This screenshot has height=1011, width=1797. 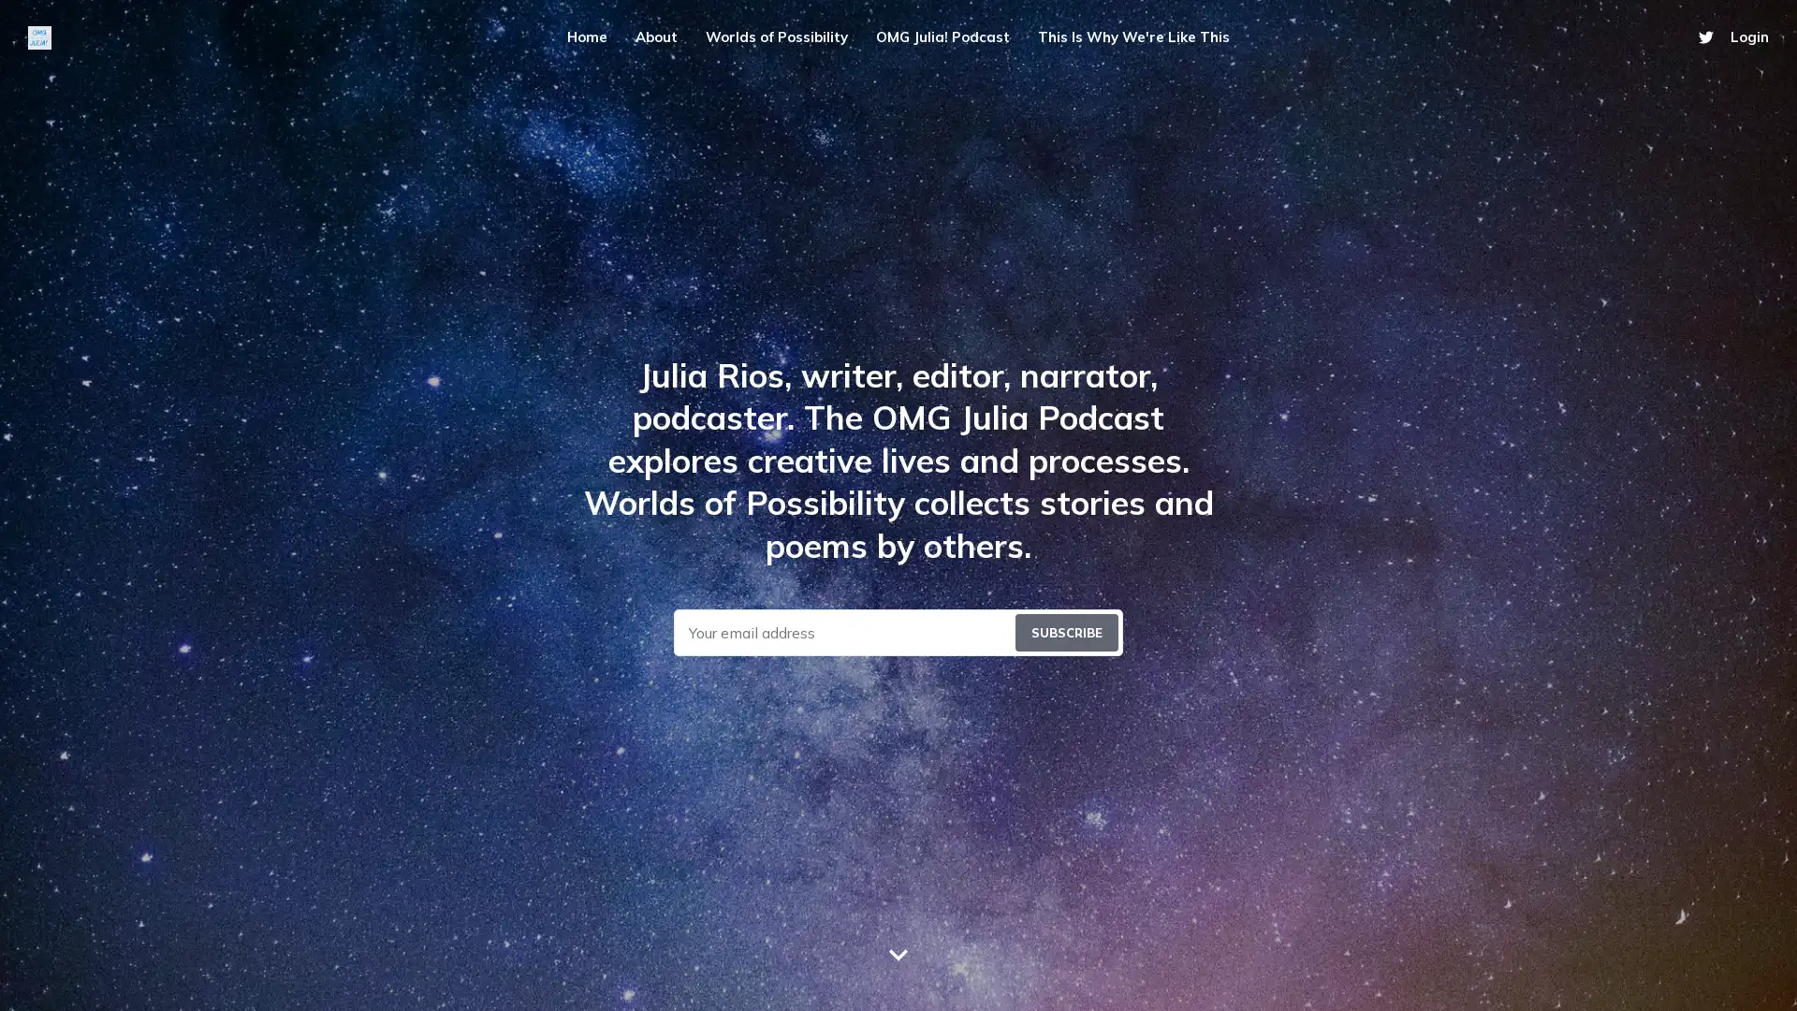 What do you see at coordinates (1748, 37) in the screenshot?
I see `Login` at bounding box center [1748, 37].